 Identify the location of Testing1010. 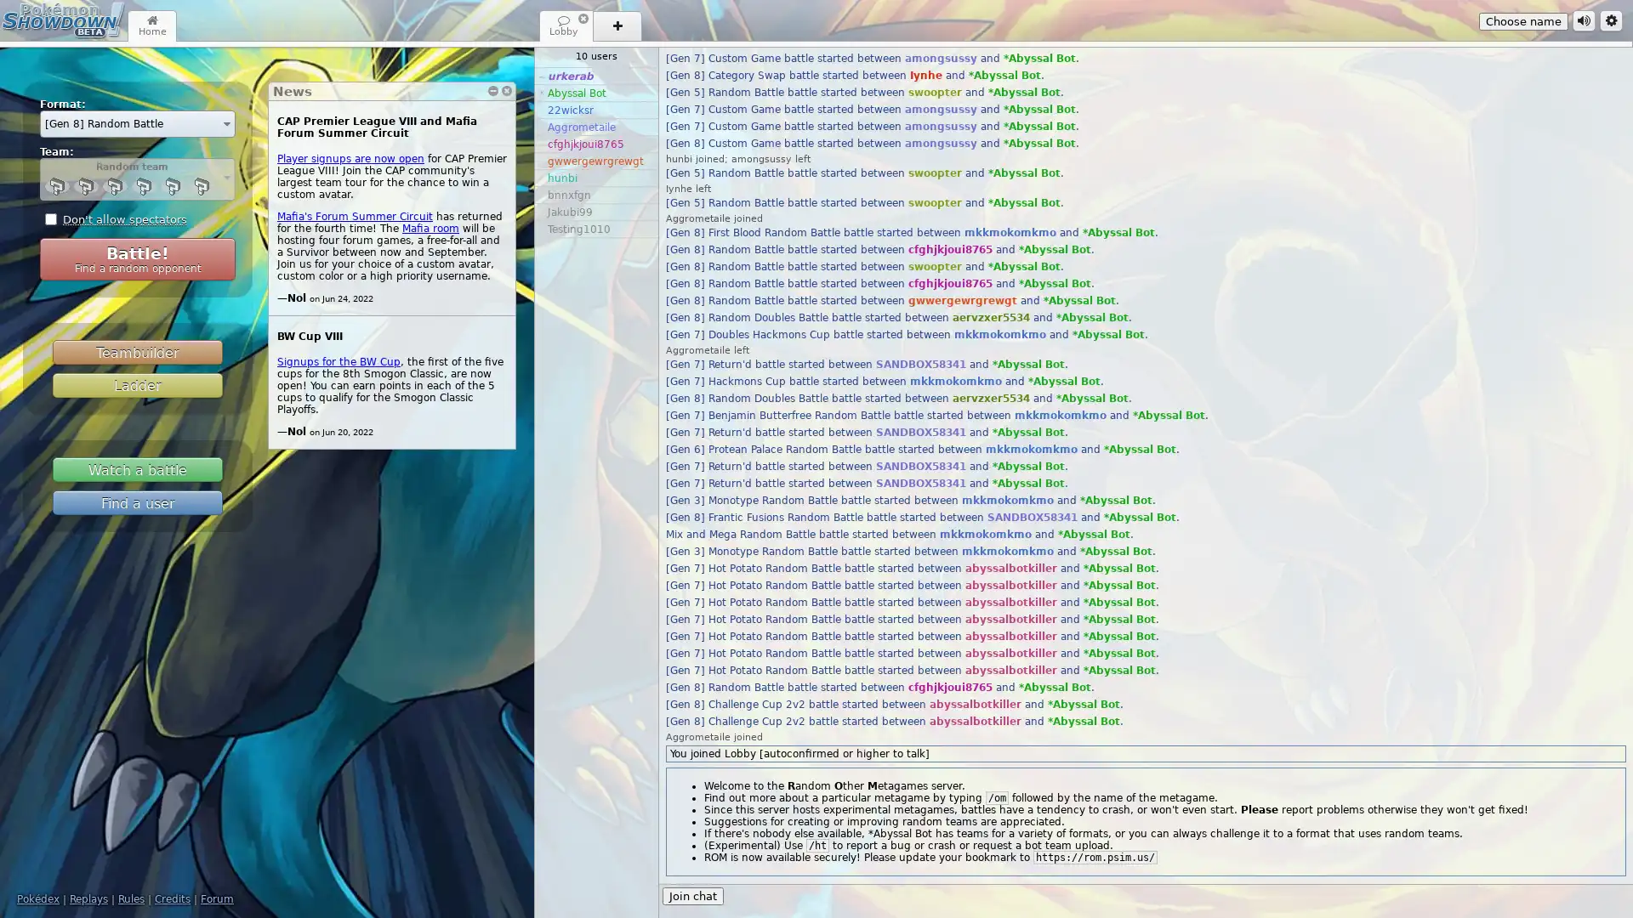
(596, 228).